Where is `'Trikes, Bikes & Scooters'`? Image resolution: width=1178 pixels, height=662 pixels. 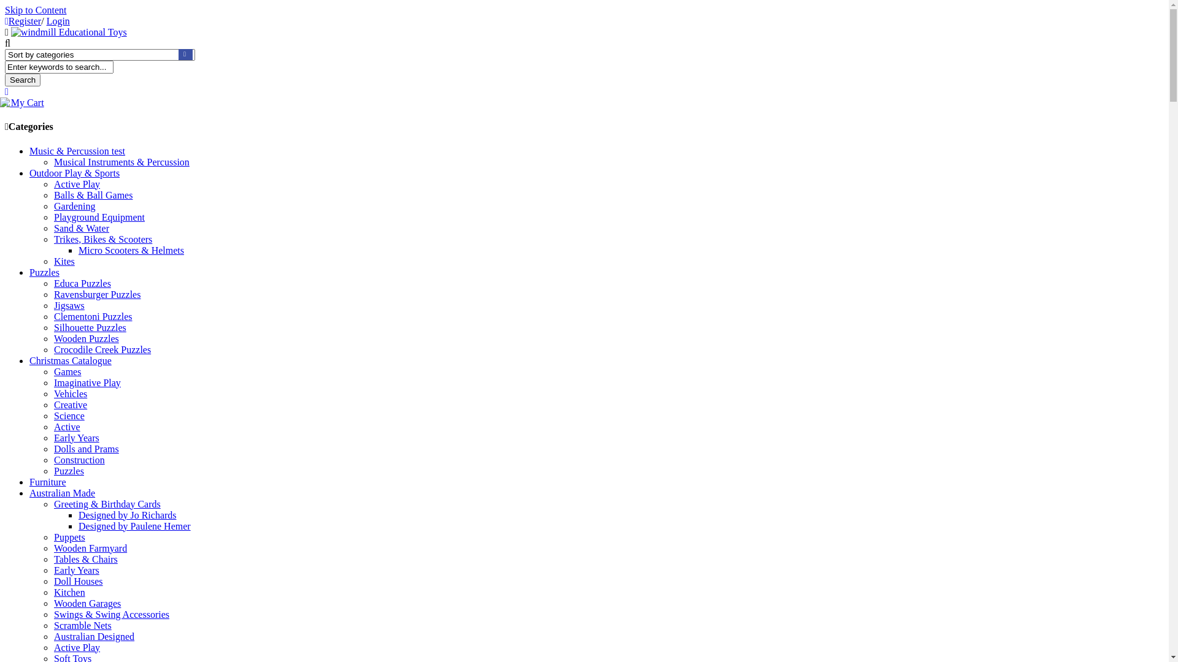
'Trikes, Bikes & Scooters' is located at coordinates (103, 239).